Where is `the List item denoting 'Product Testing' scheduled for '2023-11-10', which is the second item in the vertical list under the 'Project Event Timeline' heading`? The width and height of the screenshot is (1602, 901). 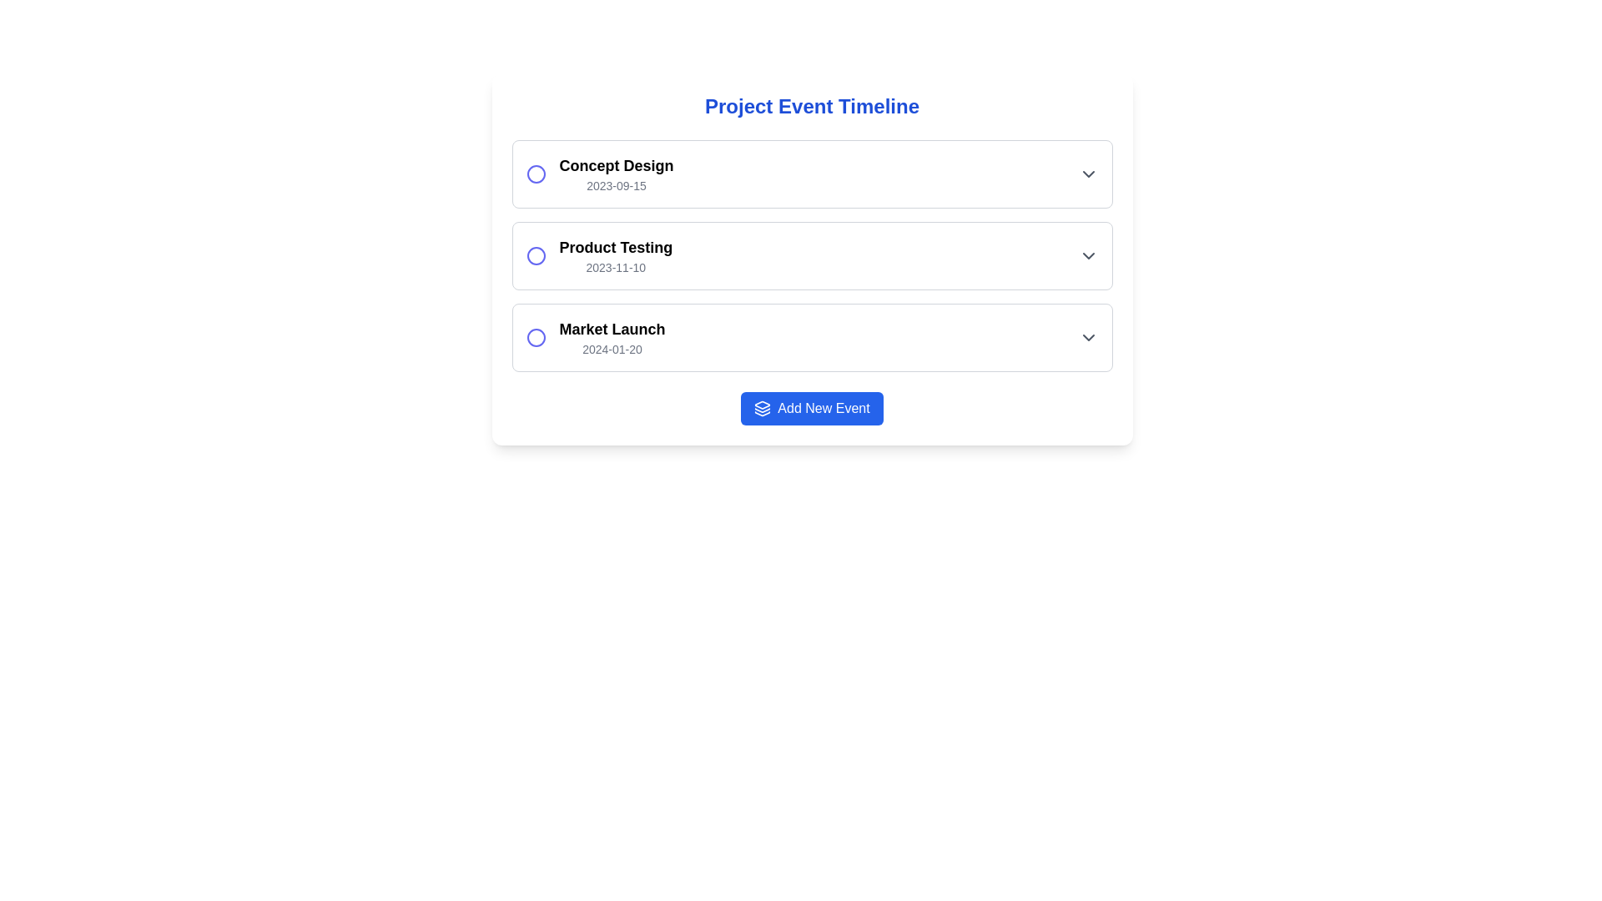 the List item denoting 'Product Testing' scheduled for '2023-11-10', which is the second item in the vertical list under the 'Project Event Timeline' heading is located at coordinates (599, 256).